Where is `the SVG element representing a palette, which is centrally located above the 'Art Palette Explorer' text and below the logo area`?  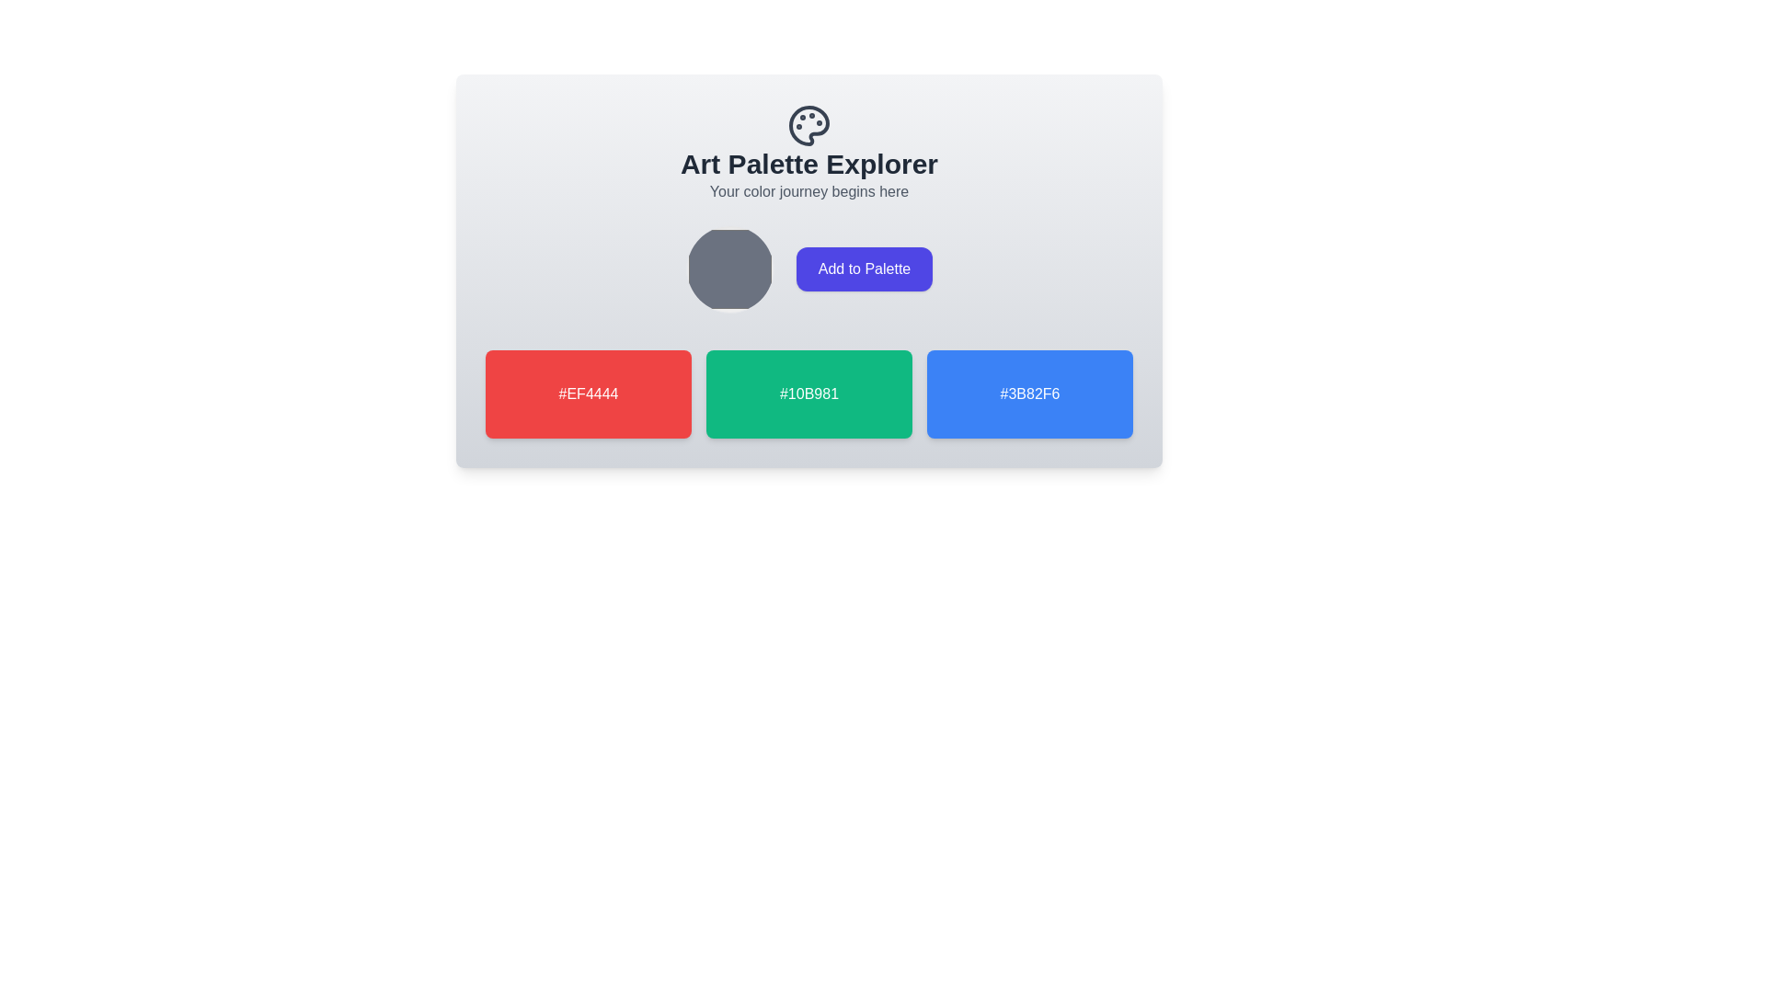
the SVG element representing a palette, which is centrally located above the 'Art Palette Explorer' text and below the logo area is located at coordinates (808, 125).